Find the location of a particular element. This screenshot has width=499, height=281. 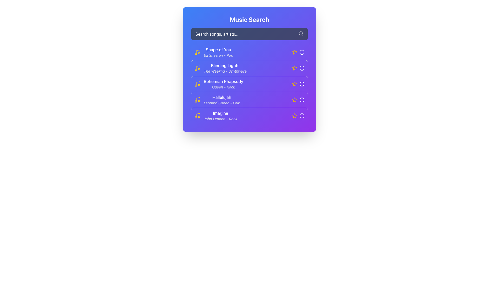

the text element 'Bohemian Rhapsody' located in the third position of a vertically arranged list in the music search interface is located at coordinates (223, 81).